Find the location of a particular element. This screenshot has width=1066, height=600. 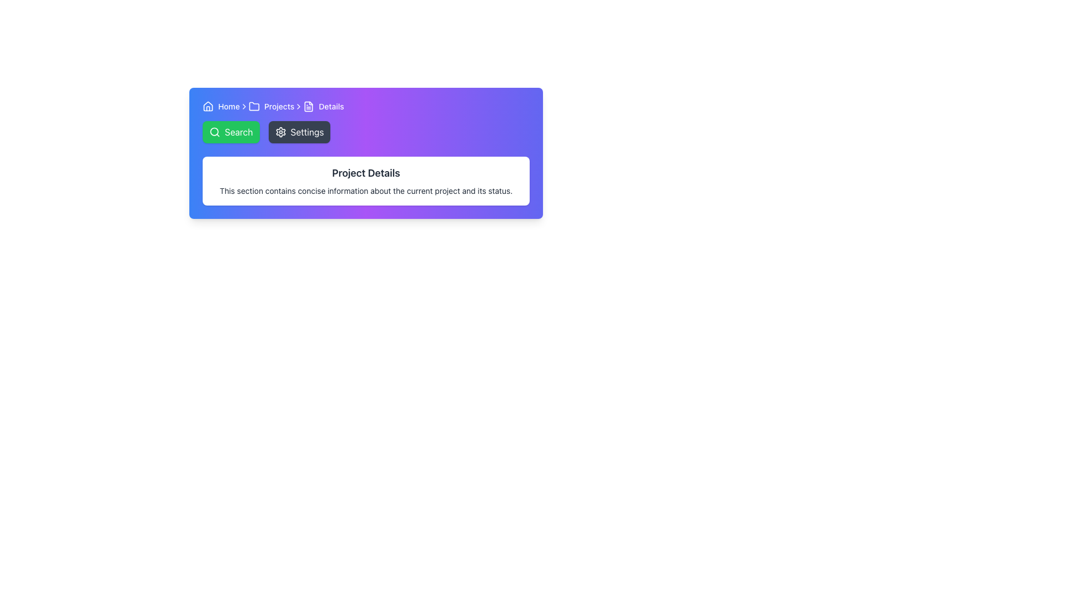

the Breadcrumb Navigation Item that indicates the current section or page context, specifically the 'Details' page, located to the right of the 'Projects' label is located at coordinates (323, 107).